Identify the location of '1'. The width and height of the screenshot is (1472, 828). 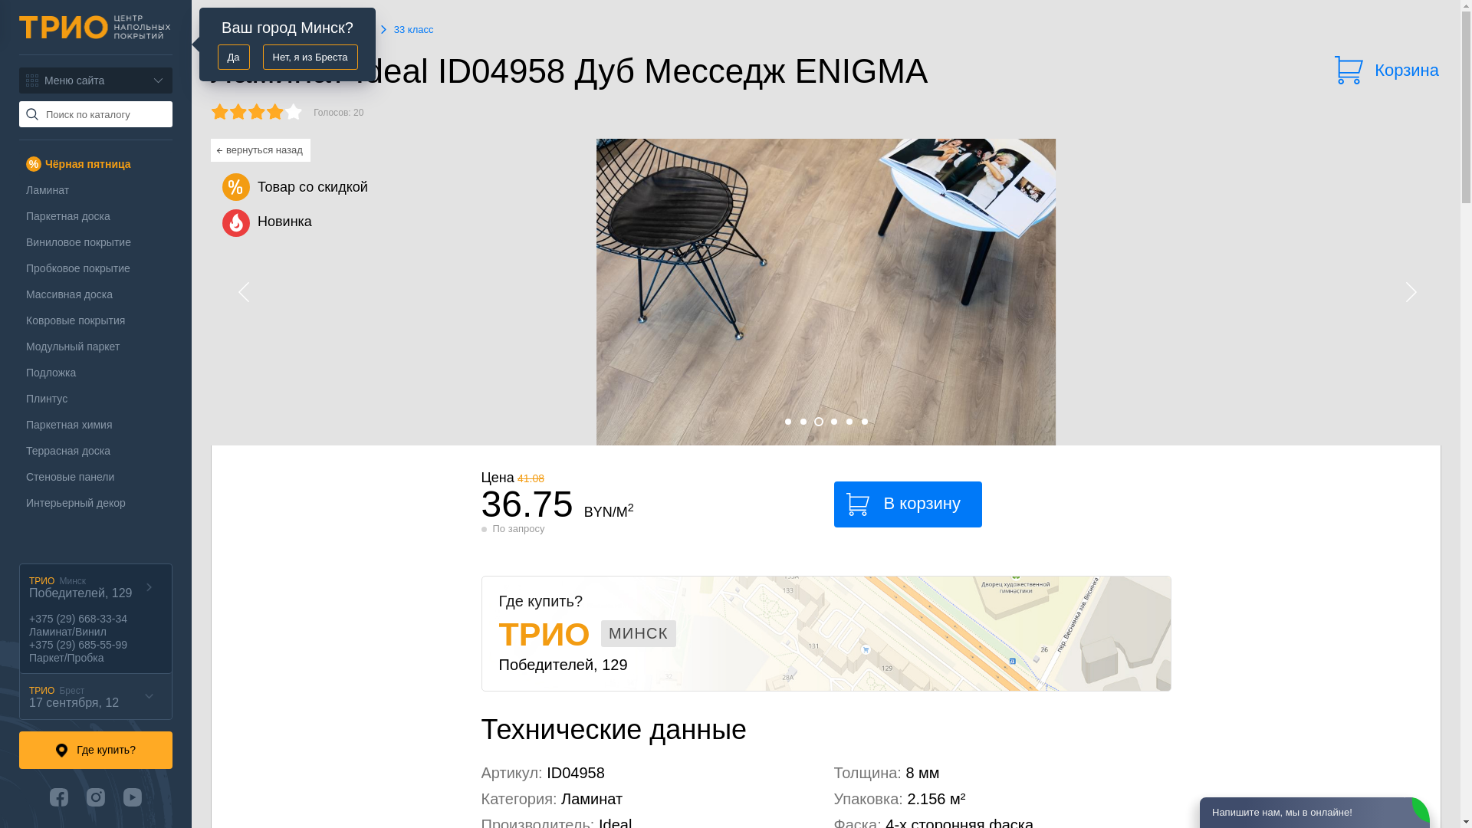
(784, 422).